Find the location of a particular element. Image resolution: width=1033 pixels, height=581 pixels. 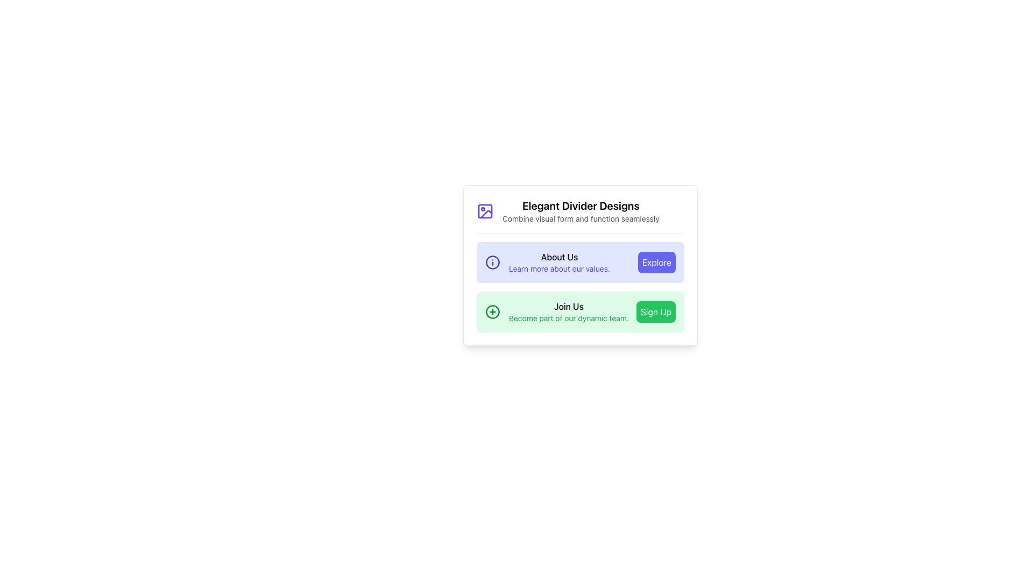

the informational caption located underneath the 'About Us' heading, which guides users to learn more about the content or theme is located at coordinates (560, 268).